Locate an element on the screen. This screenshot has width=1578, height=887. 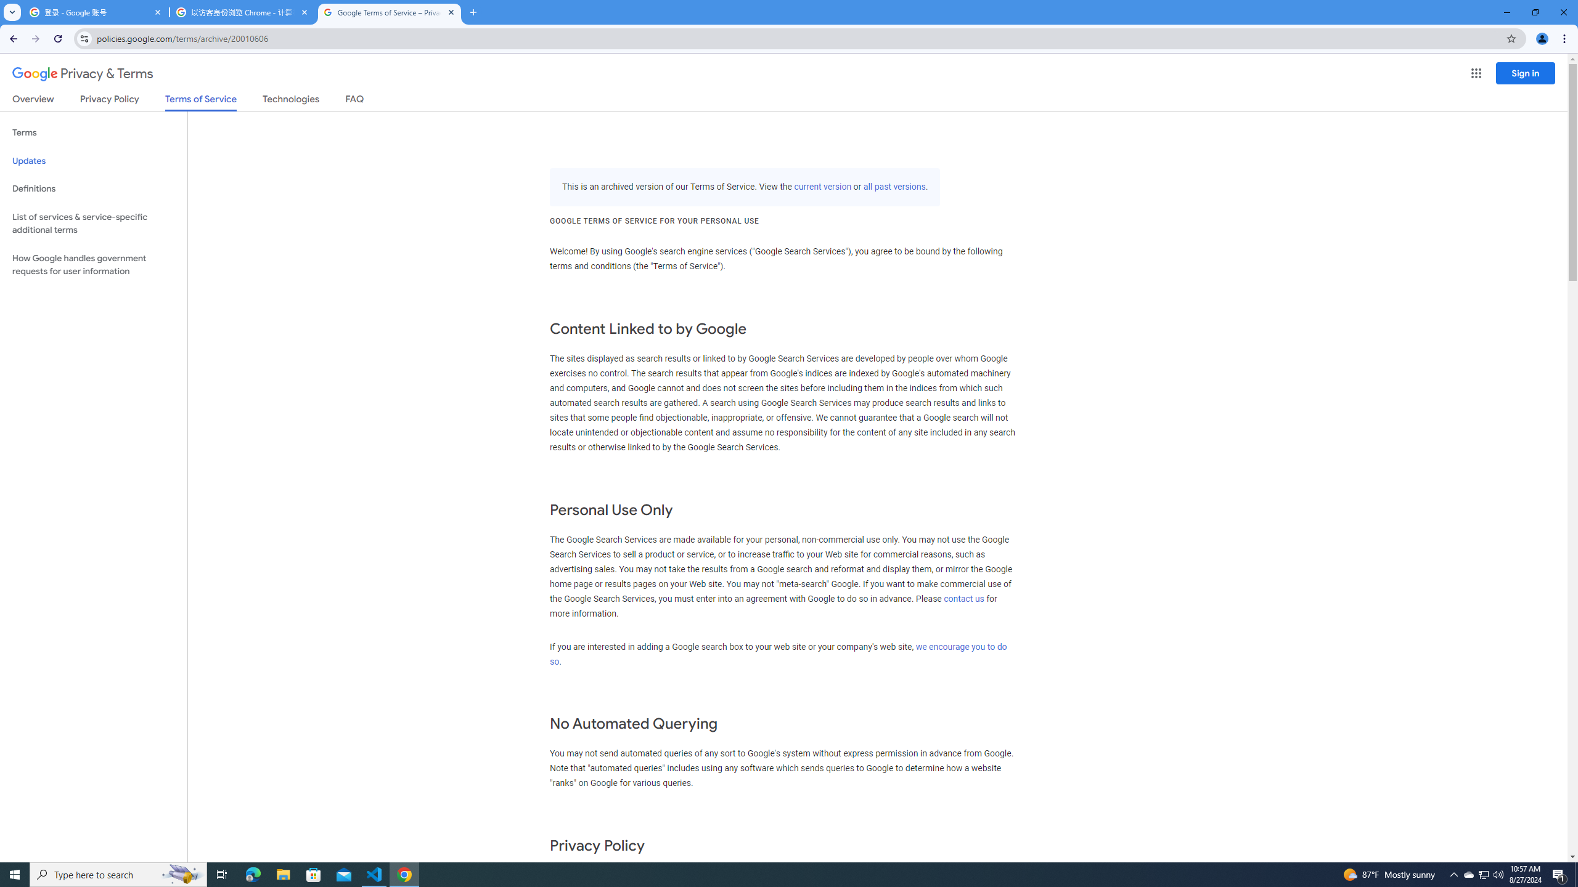
'Definitions' is located at coordinates (93, 188).